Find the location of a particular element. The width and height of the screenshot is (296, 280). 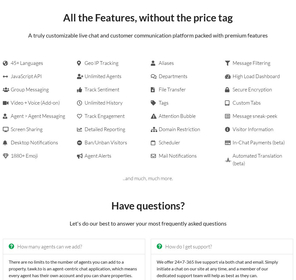

'How many agents can we add?' is located at coordinates (49, 246).